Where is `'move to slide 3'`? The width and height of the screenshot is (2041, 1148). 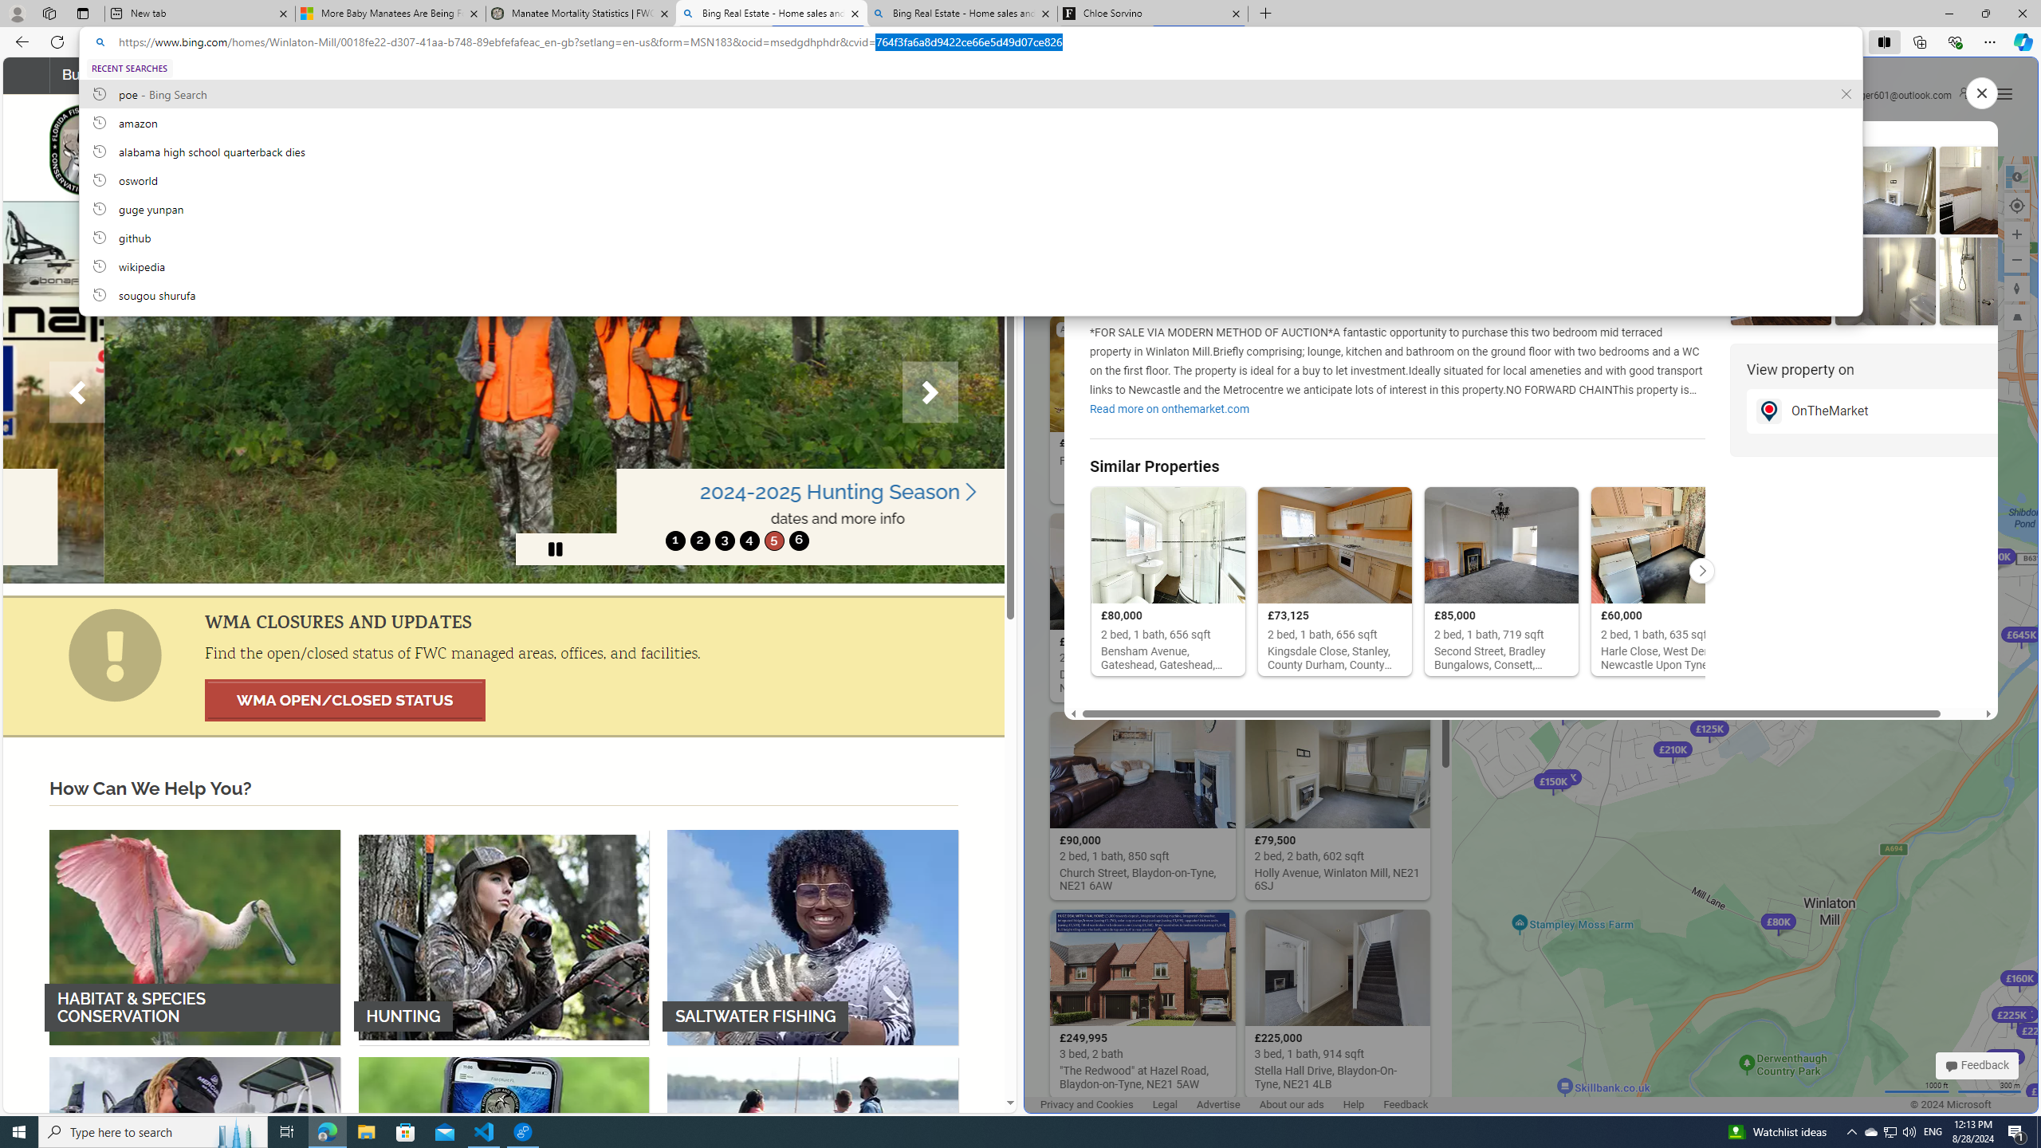
'move to slide 3' is located at coordinates (724, 540).